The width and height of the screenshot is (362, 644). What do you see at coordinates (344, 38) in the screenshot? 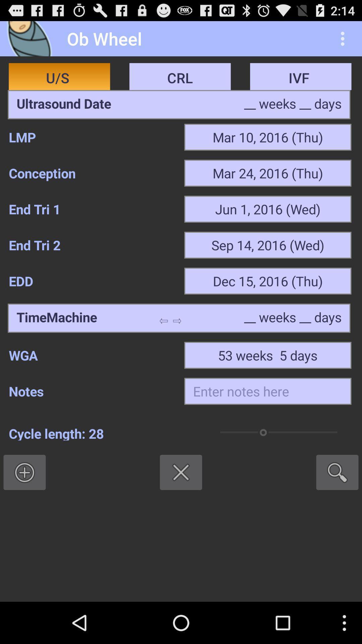
I see `app to the right of ob wheel item` at bounding box center [344, 38].